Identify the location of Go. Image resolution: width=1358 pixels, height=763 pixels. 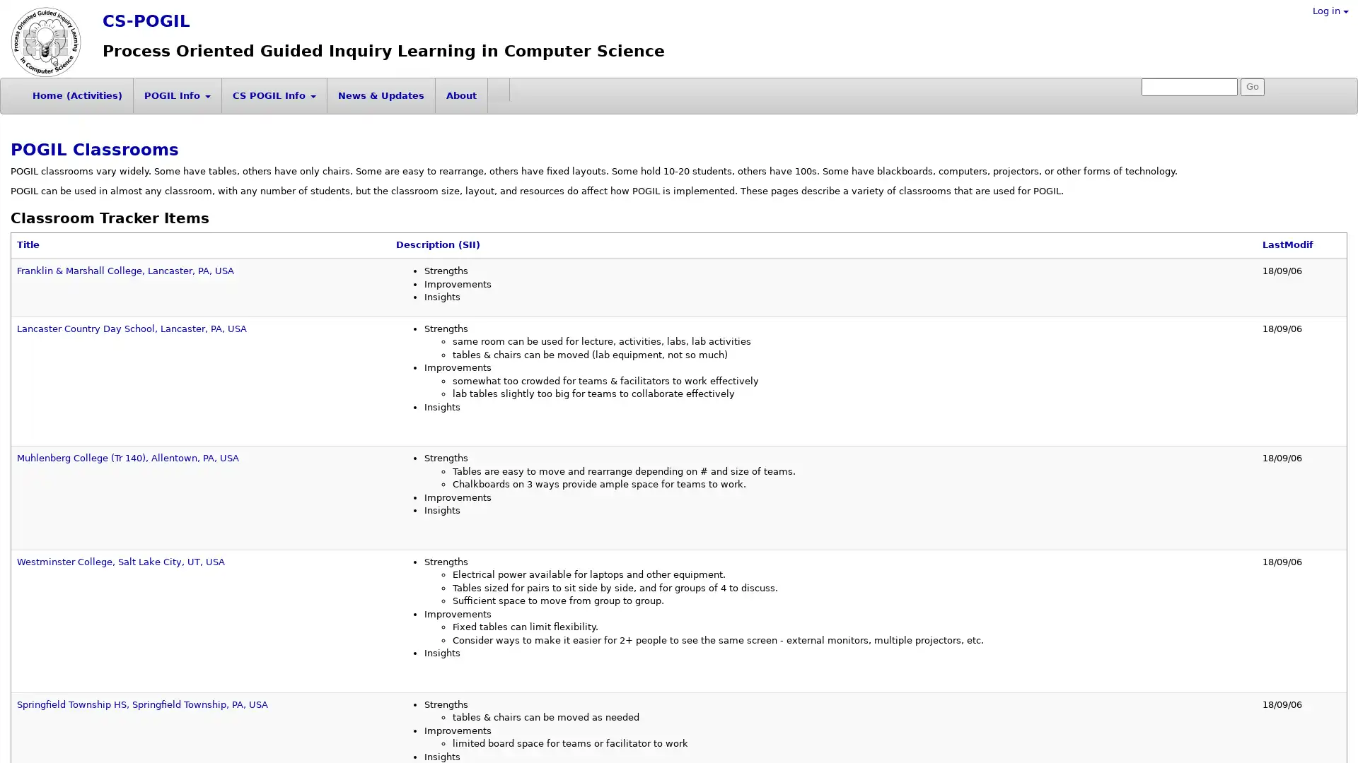
(1253, 87).